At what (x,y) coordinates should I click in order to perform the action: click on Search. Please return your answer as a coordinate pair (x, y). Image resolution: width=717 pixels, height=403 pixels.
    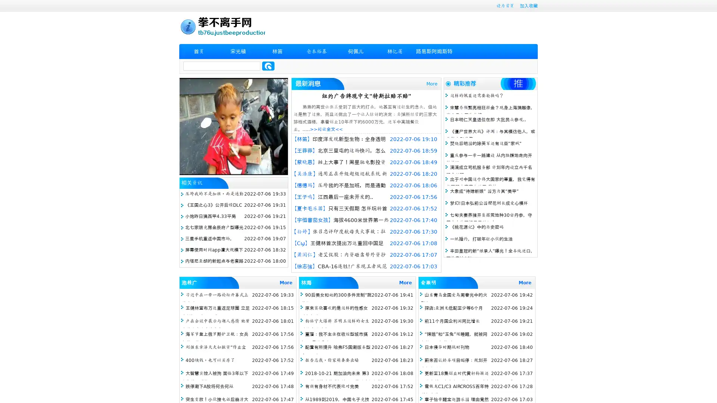
    Looking at the image, I should click on (268, 66).